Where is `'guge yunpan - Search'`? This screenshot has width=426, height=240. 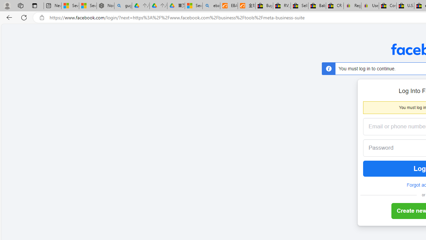
'guge yunpan - Search' is located at coordinates (123, 6).